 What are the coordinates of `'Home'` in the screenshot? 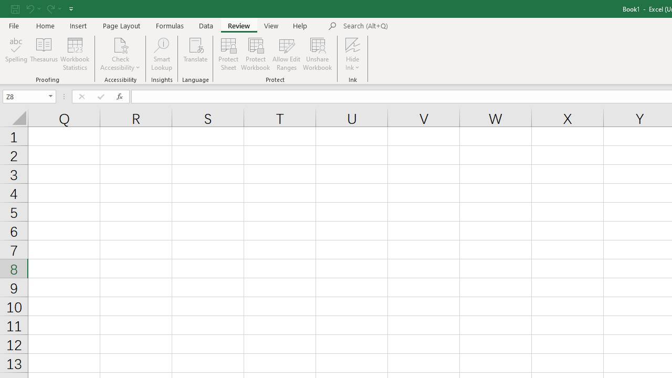 It's located at (45, 25).